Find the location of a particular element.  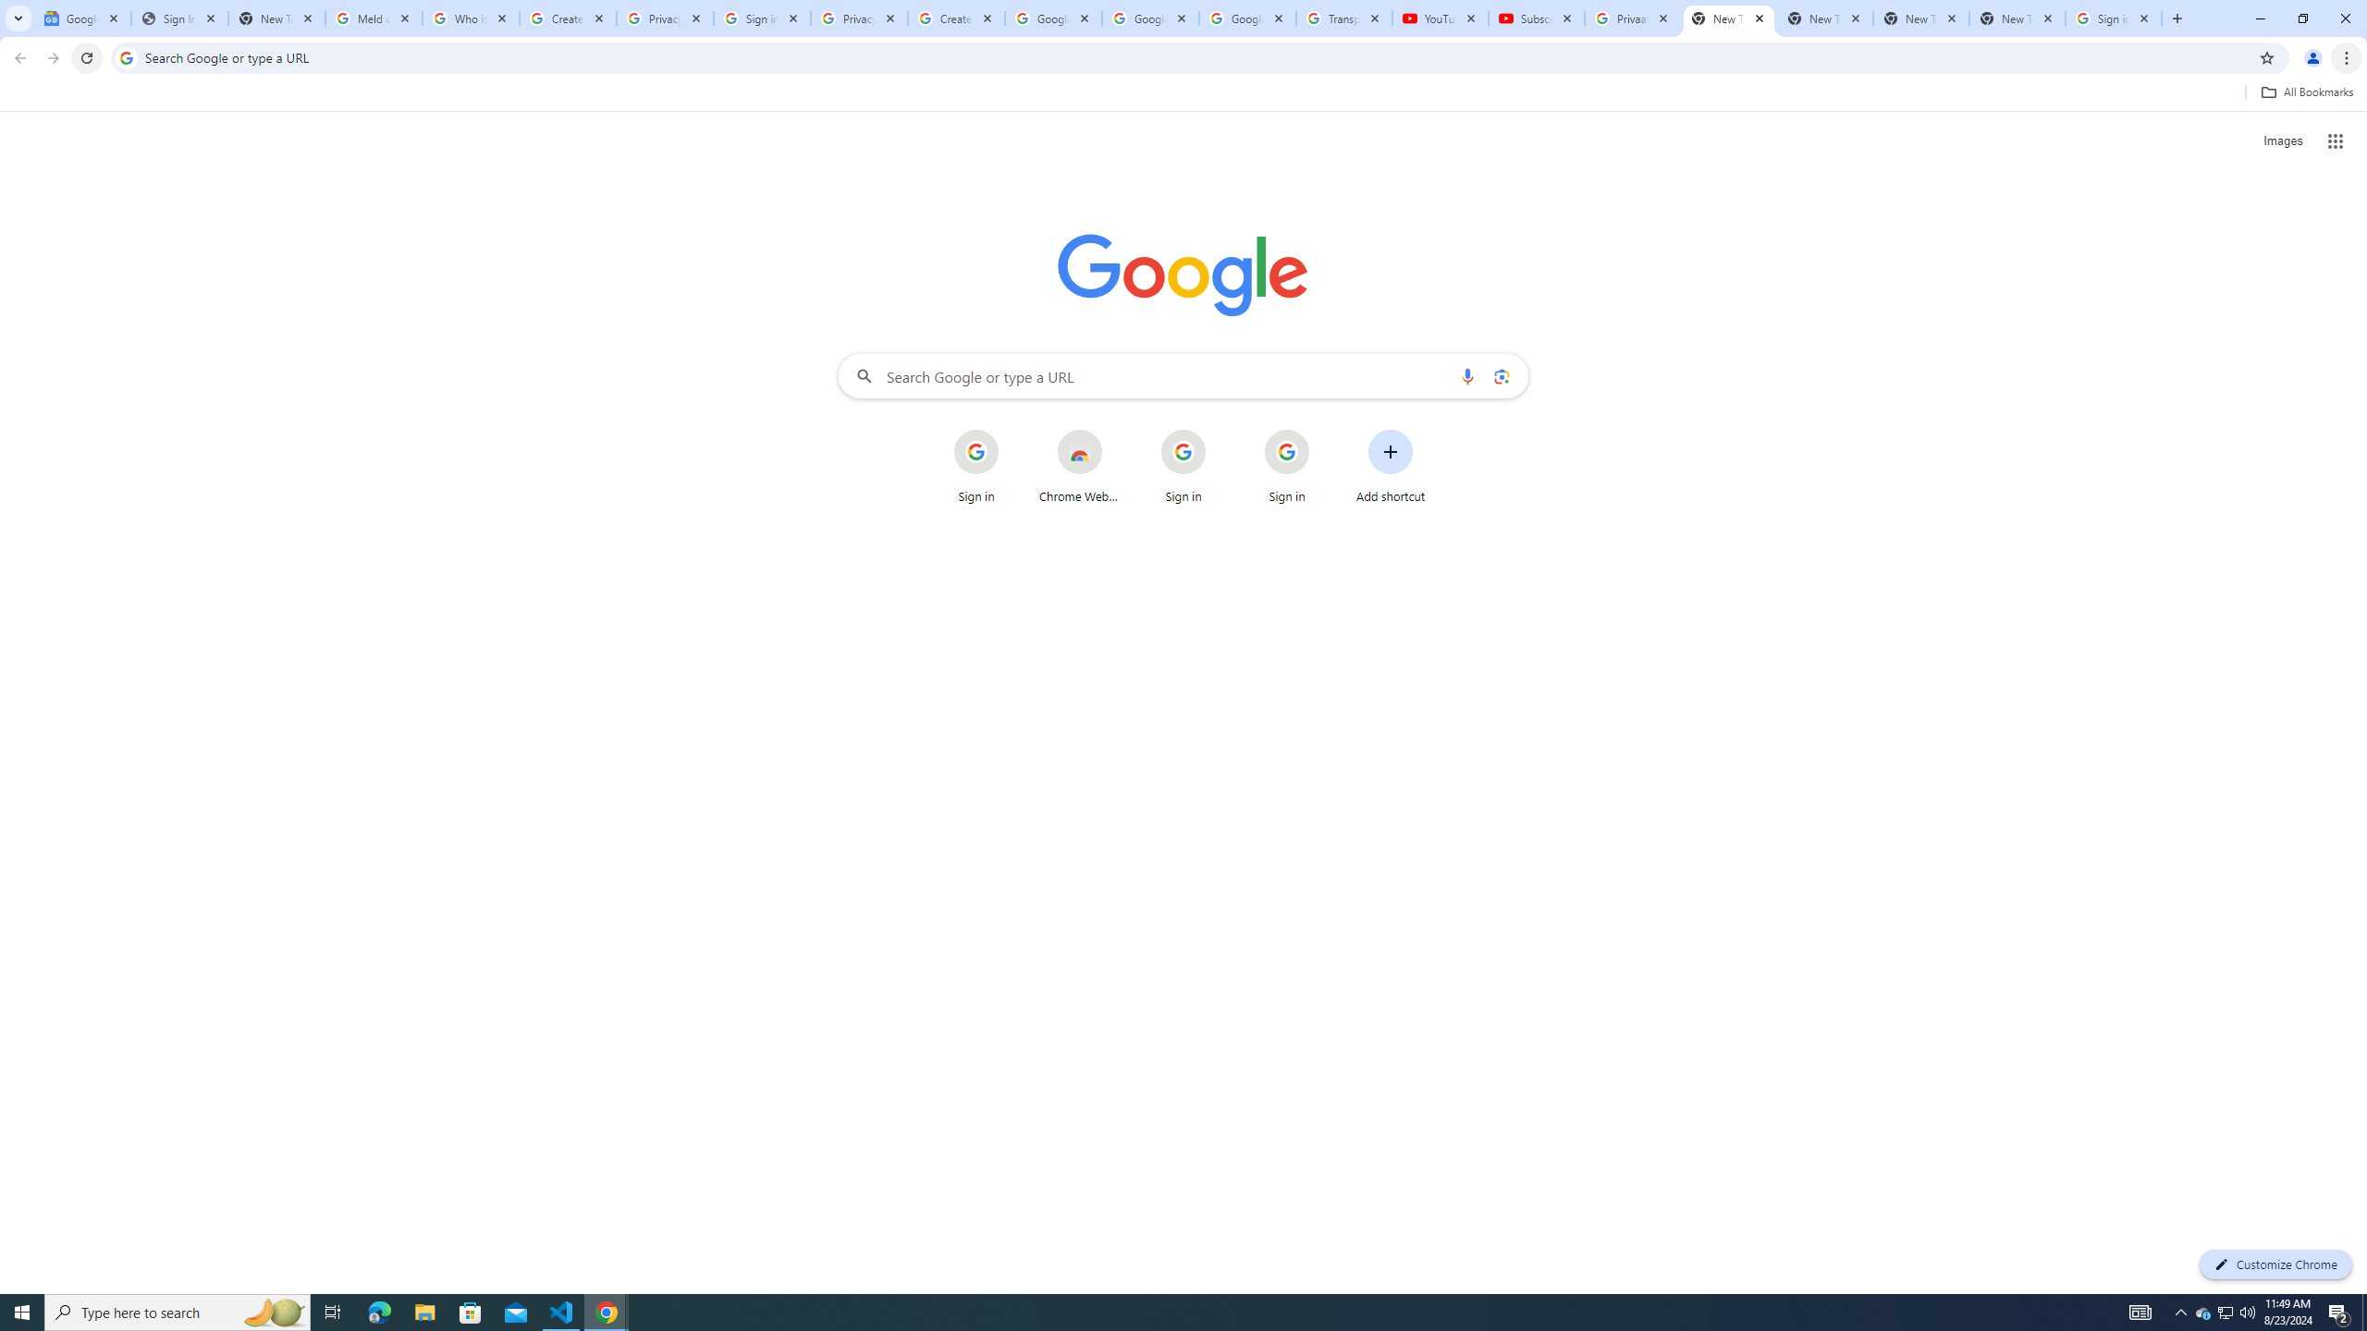

'Chrome Web Store' is located at coordinates (1078, 467).